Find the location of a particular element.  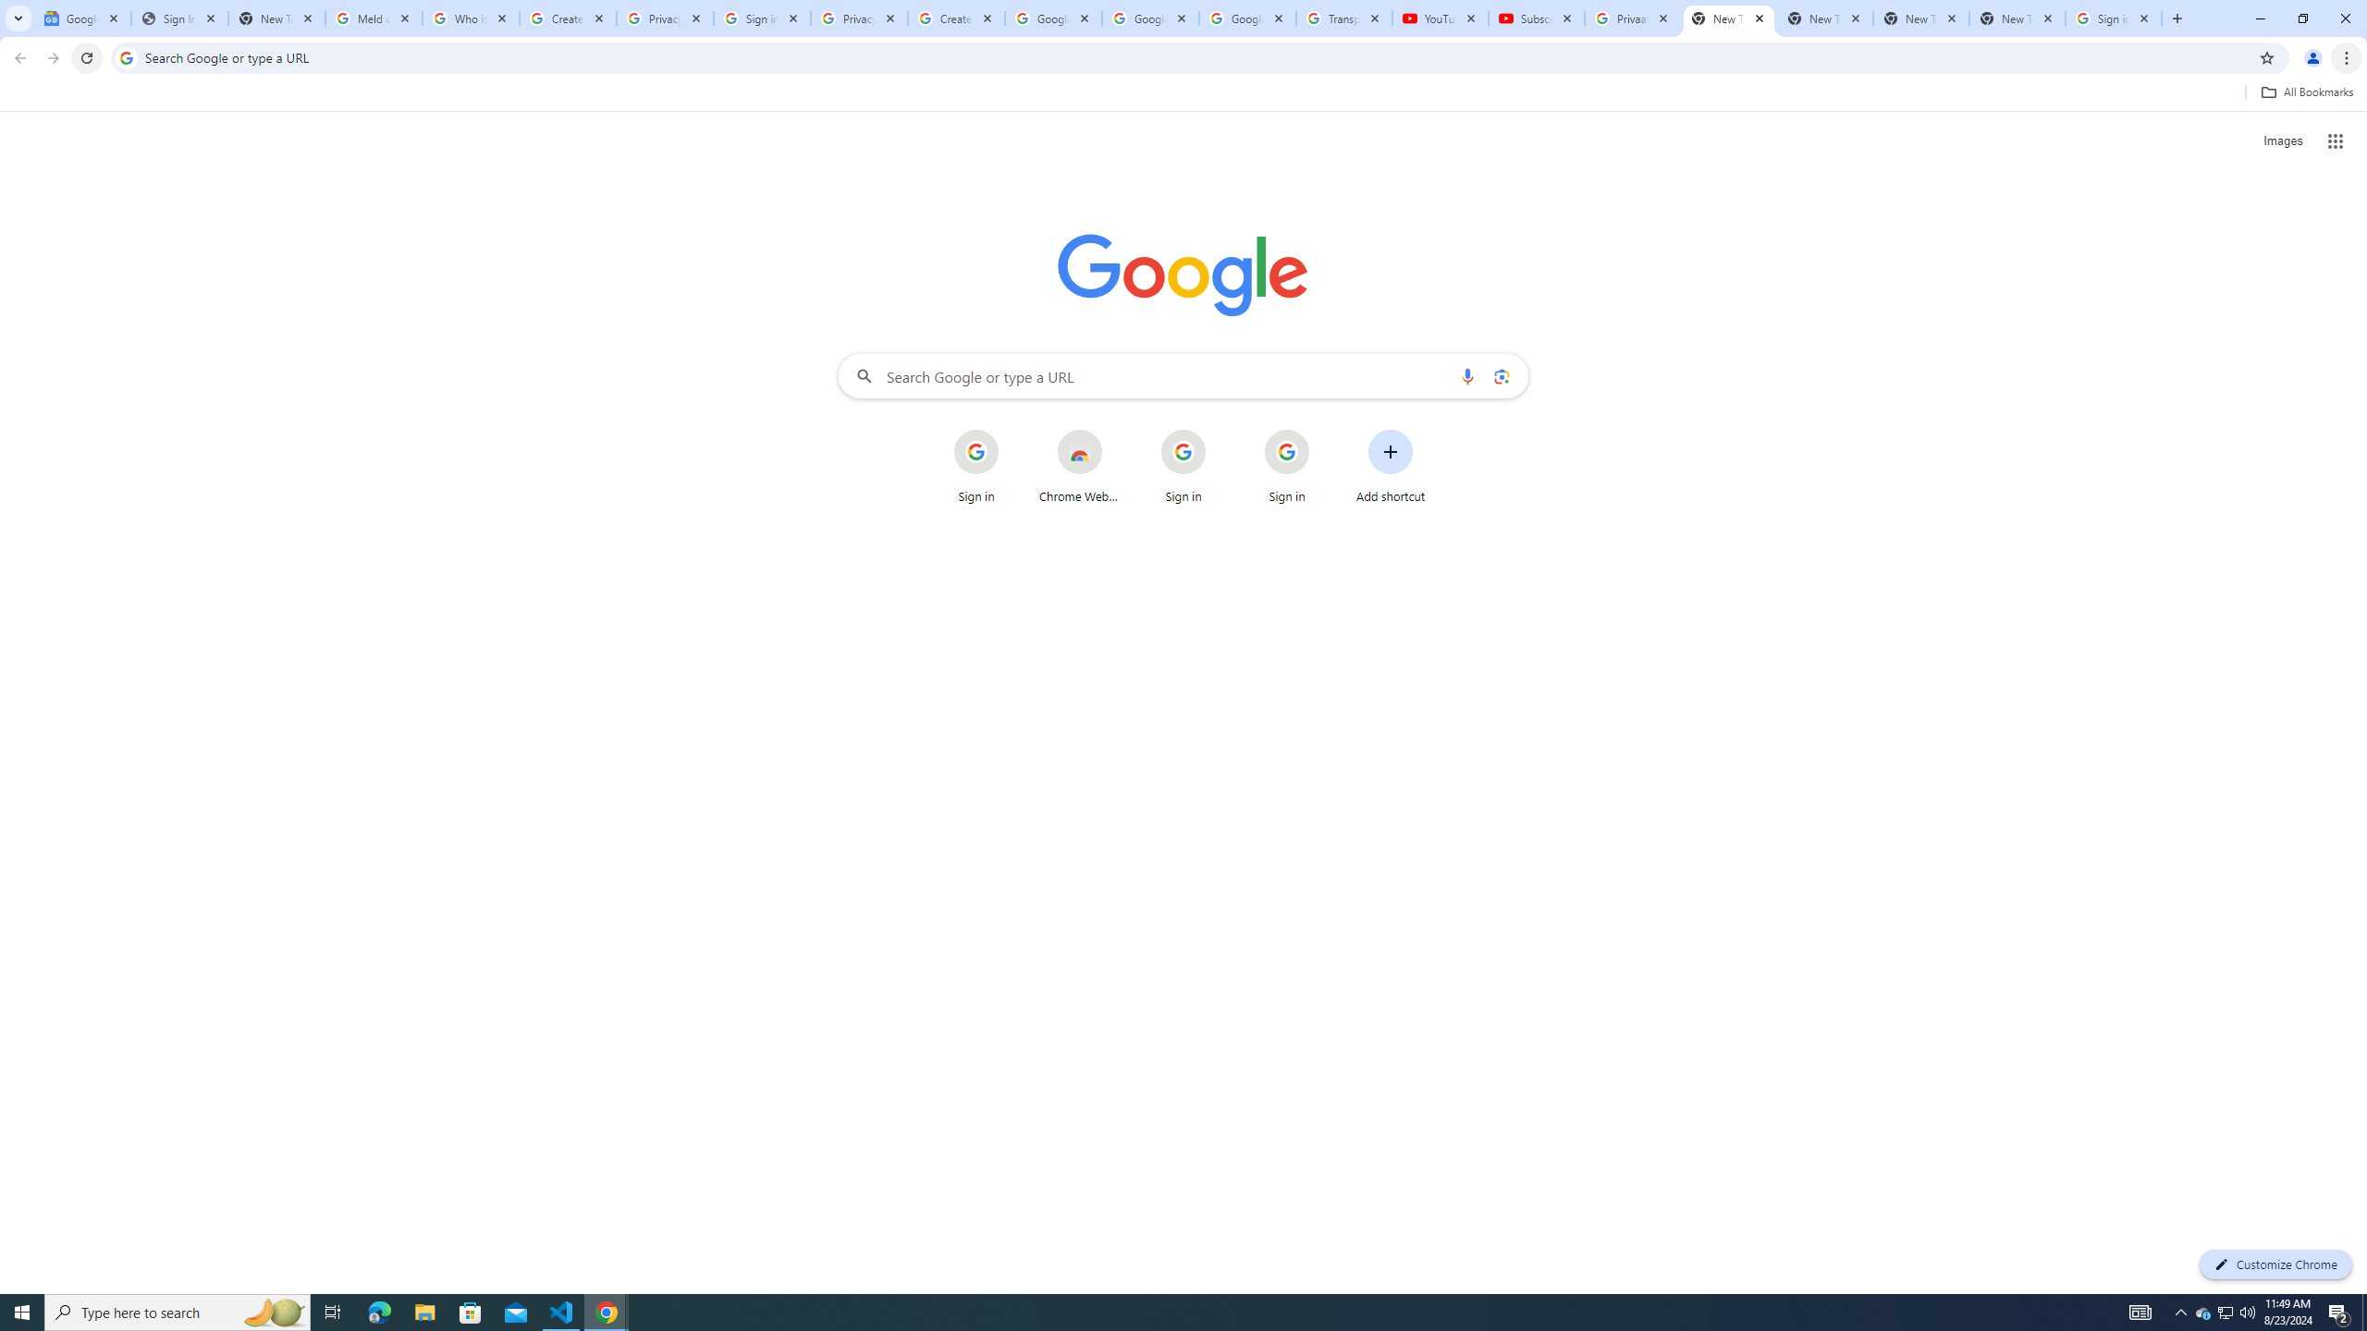

'Chrome Web Store' is located at coordinates (1078, 467).